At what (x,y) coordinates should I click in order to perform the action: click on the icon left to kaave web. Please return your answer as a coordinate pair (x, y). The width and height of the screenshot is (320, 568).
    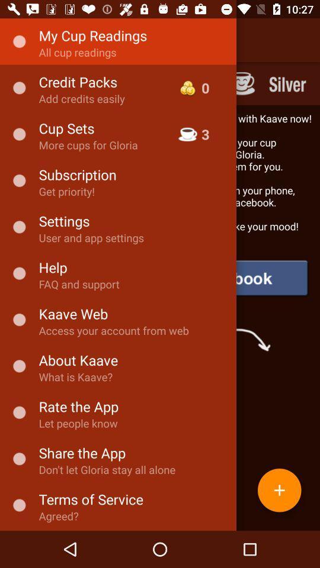
    Looking at the image, I should click on (18, 319).